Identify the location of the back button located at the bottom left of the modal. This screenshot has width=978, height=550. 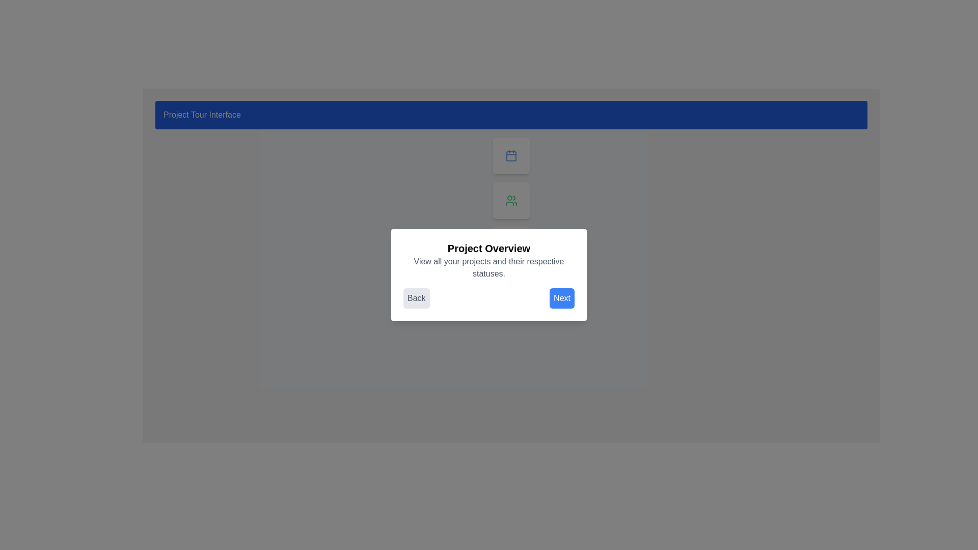
(416, 298).